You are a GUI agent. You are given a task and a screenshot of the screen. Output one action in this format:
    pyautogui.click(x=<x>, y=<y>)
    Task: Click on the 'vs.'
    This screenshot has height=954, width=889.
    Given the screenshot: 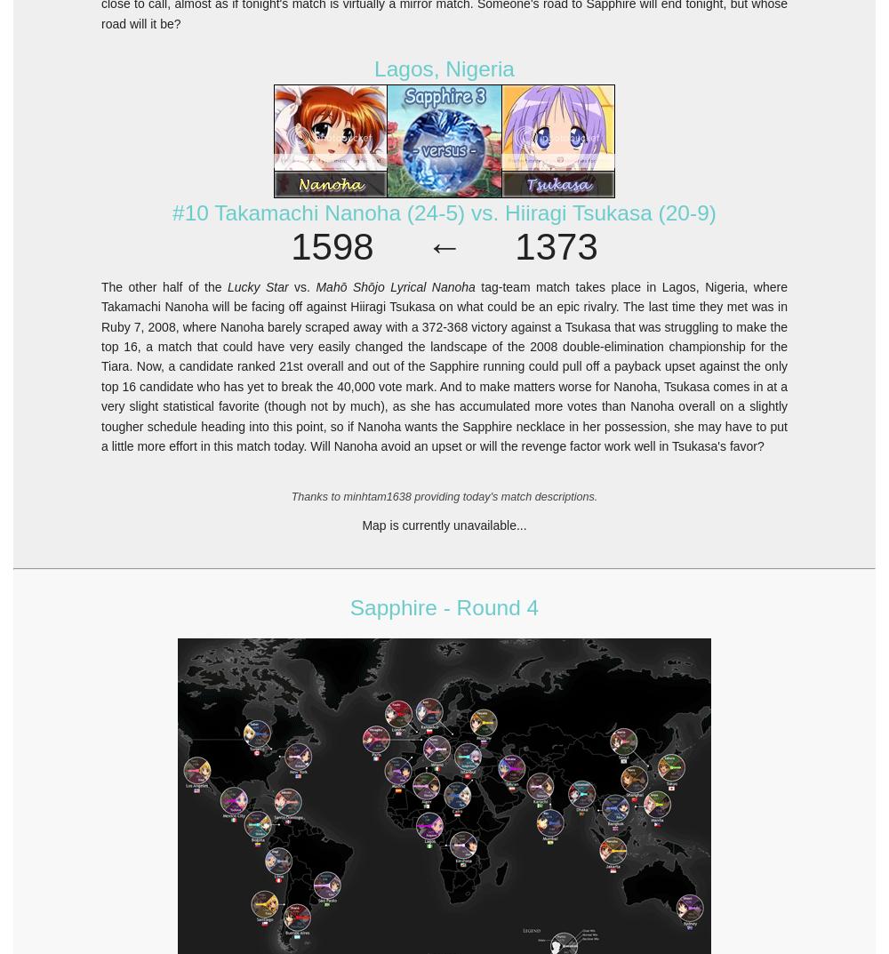 What is the action you would take?
    pyautogui.click(x=287, y=286)
    